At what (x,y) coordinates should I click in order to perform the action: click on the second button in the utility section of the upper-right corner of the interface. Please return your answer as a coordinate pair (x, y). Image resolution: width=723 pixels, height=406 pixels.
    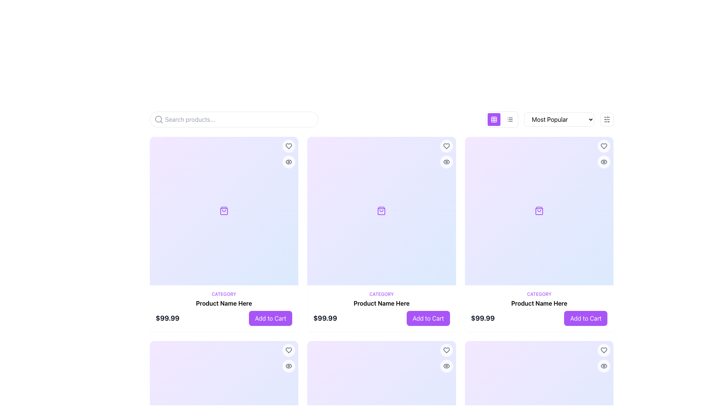
    Looking at the image, I should click on (509, 119).